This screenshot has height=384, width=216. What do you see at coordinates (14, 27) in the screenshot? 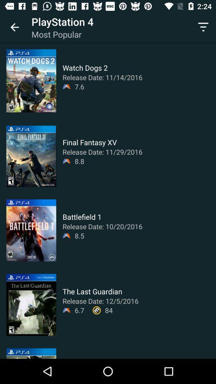
I see `icon to the left of playstation 4 icon` at bounding box center [14, 27].